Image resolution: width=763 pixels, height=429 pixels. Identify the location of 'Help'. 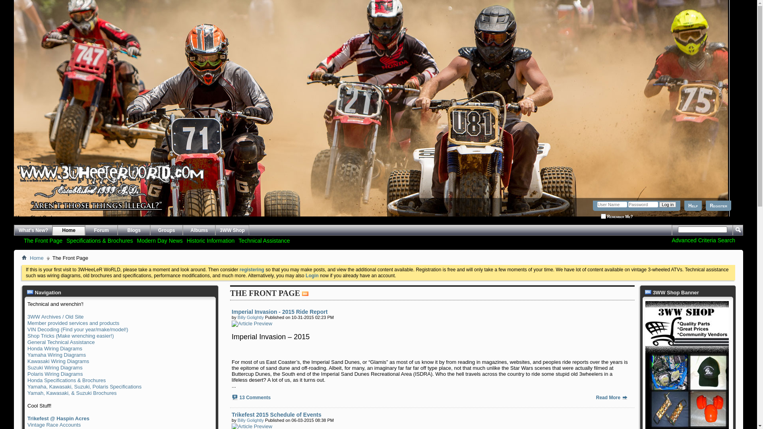
(692, 205).